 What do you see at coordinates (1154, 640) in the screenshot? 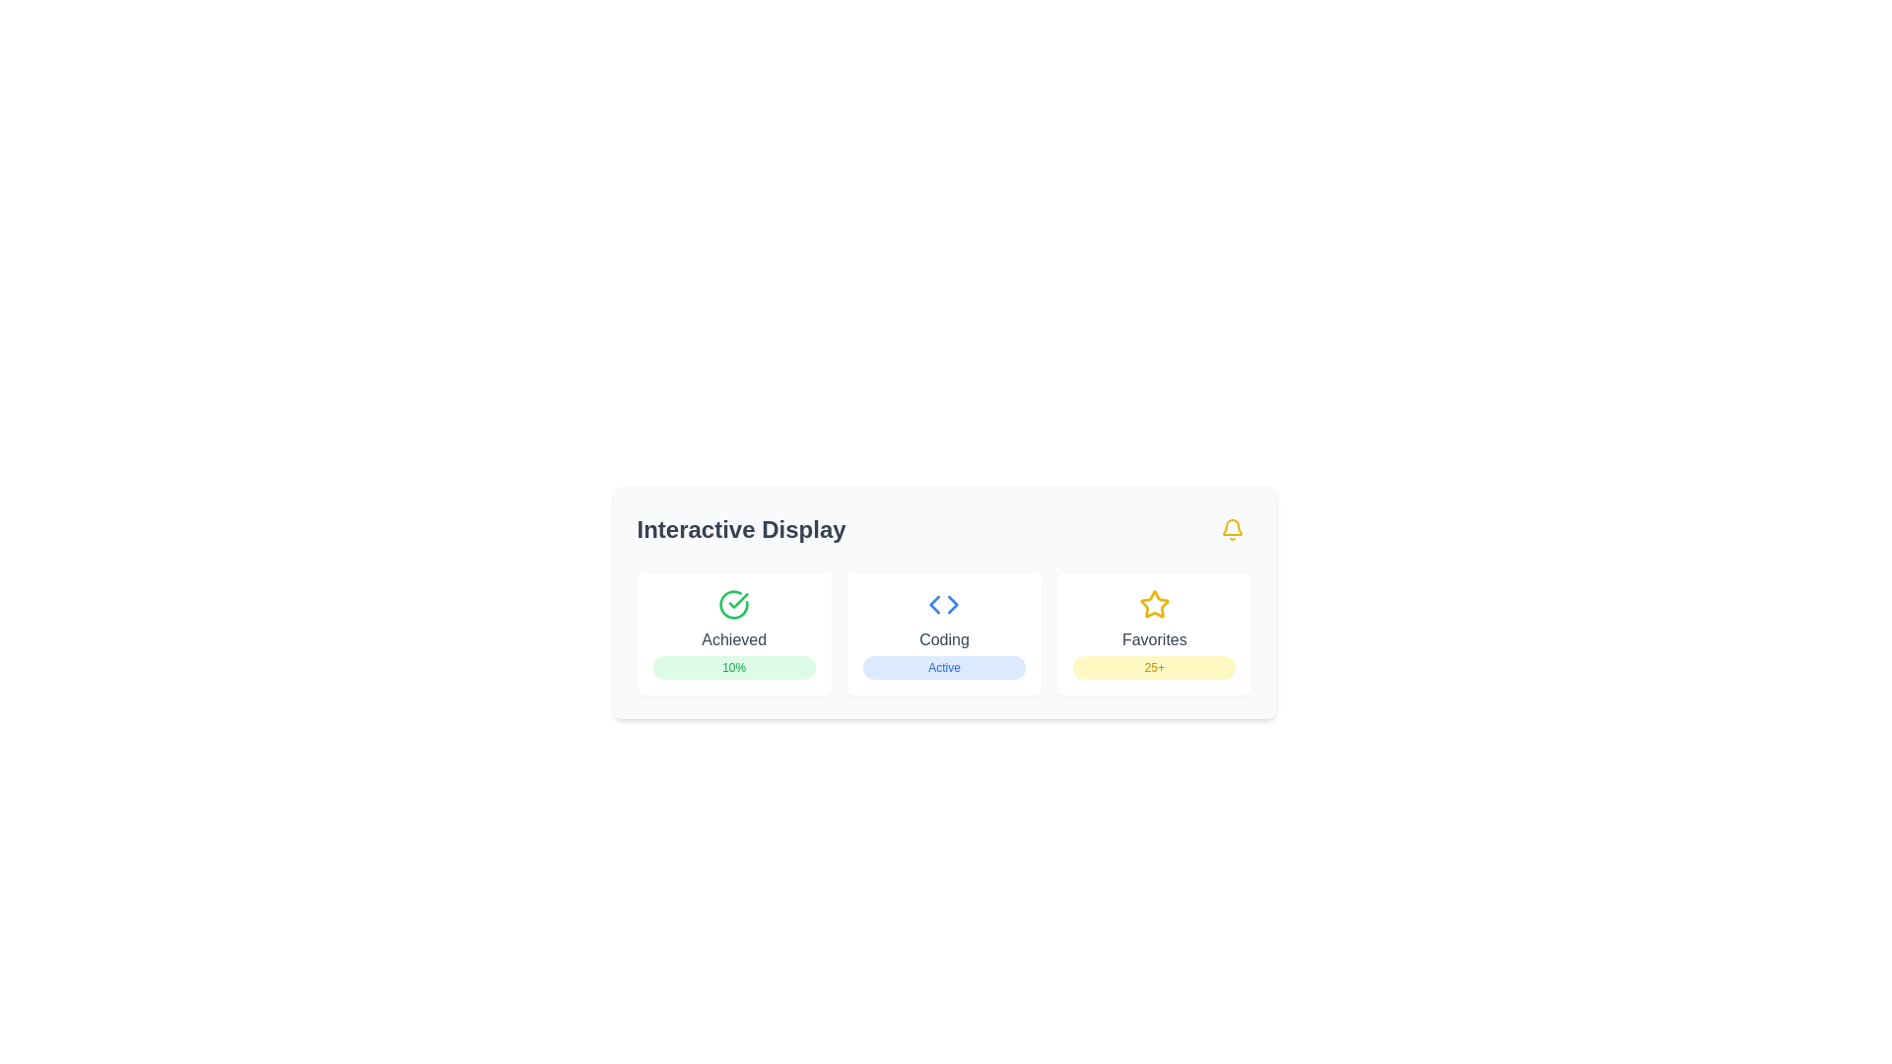
I see `the text element that serves as a label for the title or category name of the third card in a row, located below the icon and above the label '25+'` at bounding box center [1154, 640].